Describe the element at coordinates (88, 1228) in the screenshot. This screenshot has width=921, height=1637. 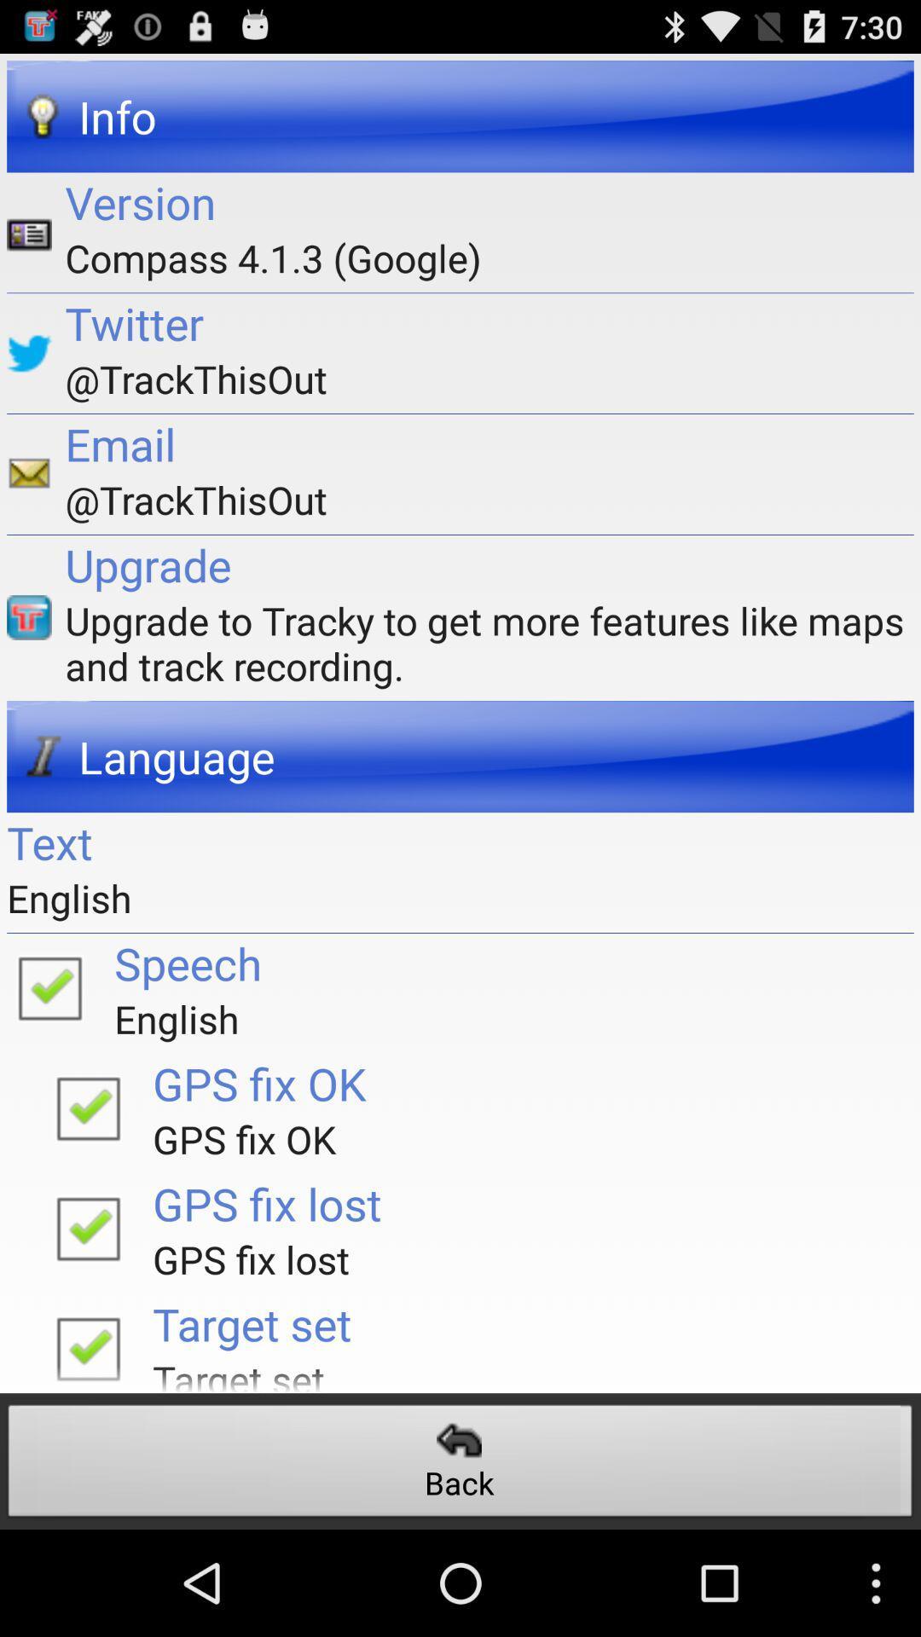
I see `gps fix lost traduction is ok/wrong` at that location.